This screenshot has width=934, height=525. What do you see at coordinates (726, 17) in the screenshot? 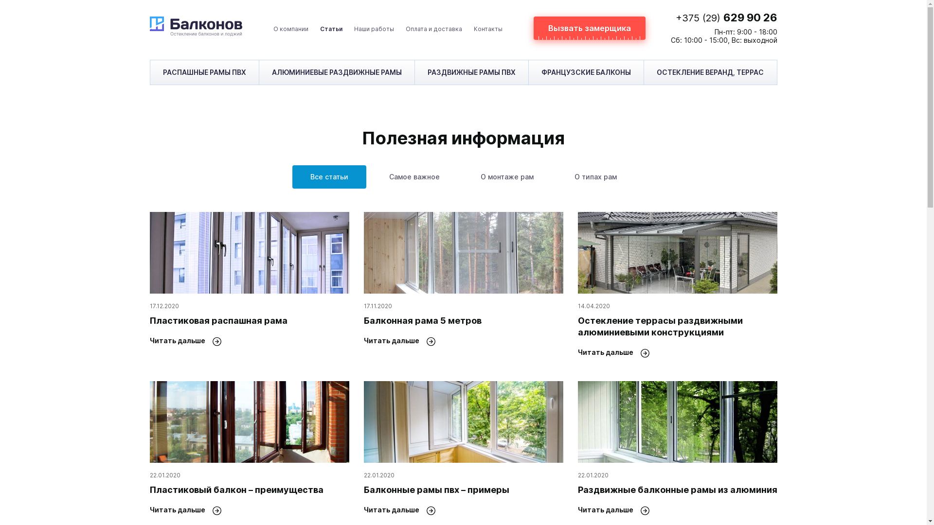
I see `'+375 (29) 629 90 26'` at bounding box center [726, 17].